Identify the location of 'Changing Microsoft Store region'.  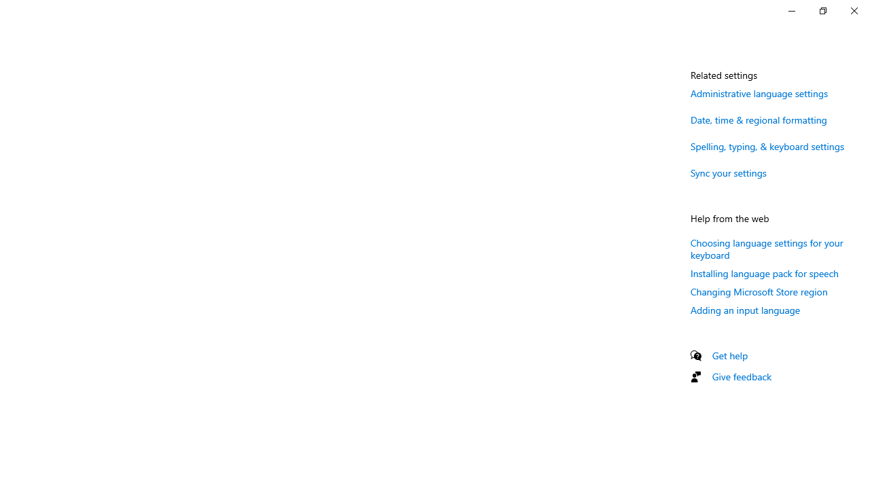
(759, 291).